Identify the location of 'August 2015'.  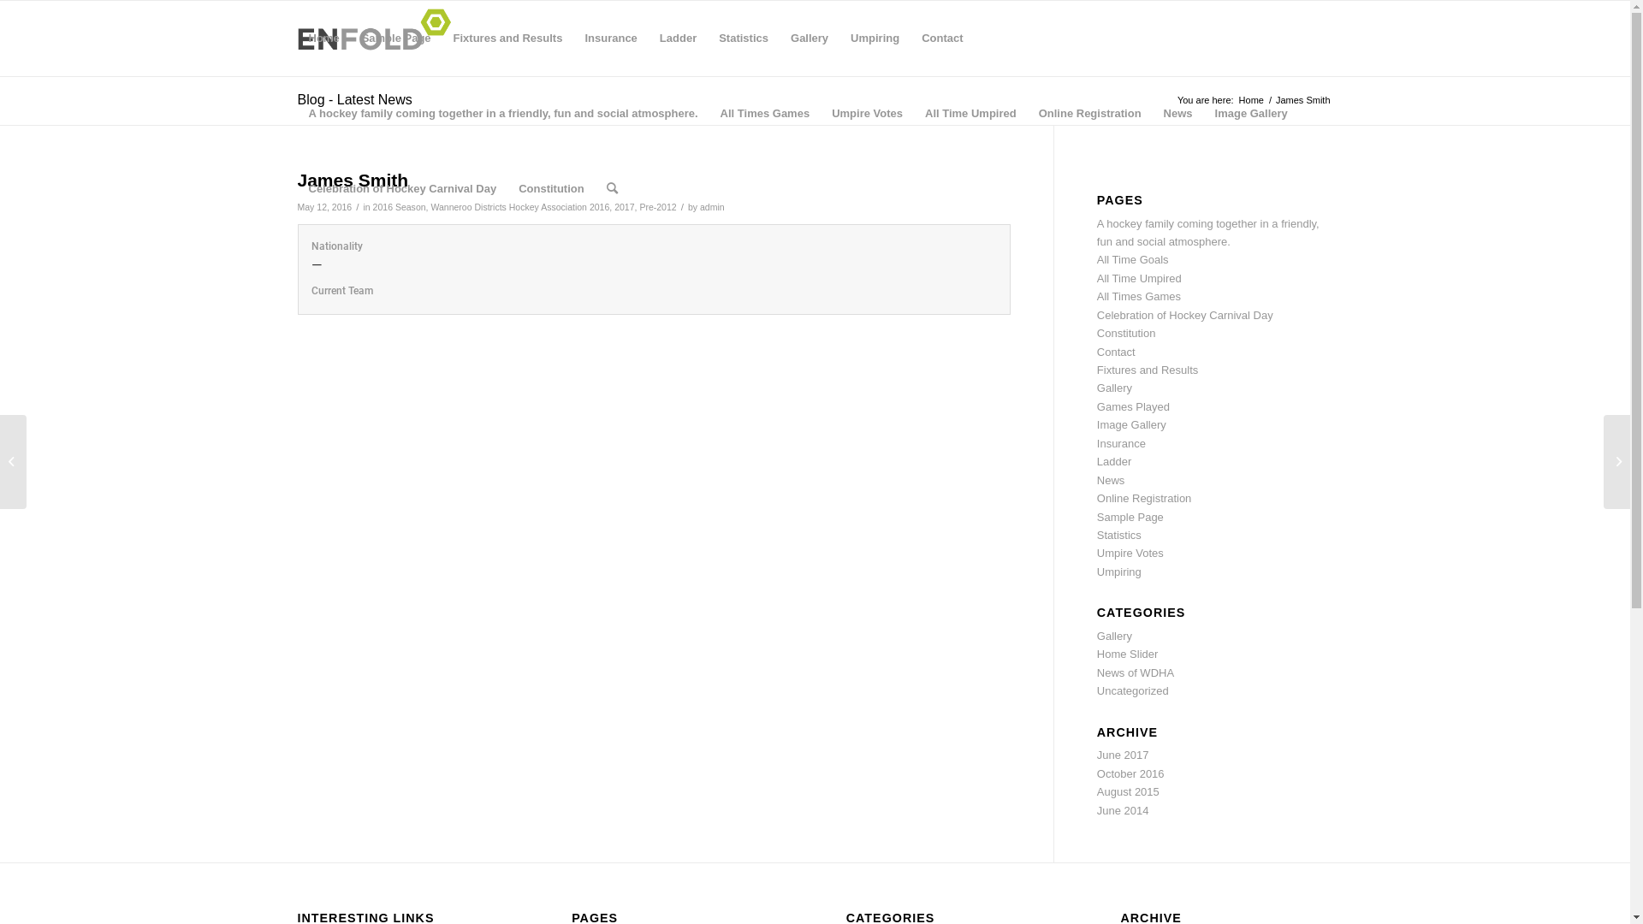
(1128, 791).